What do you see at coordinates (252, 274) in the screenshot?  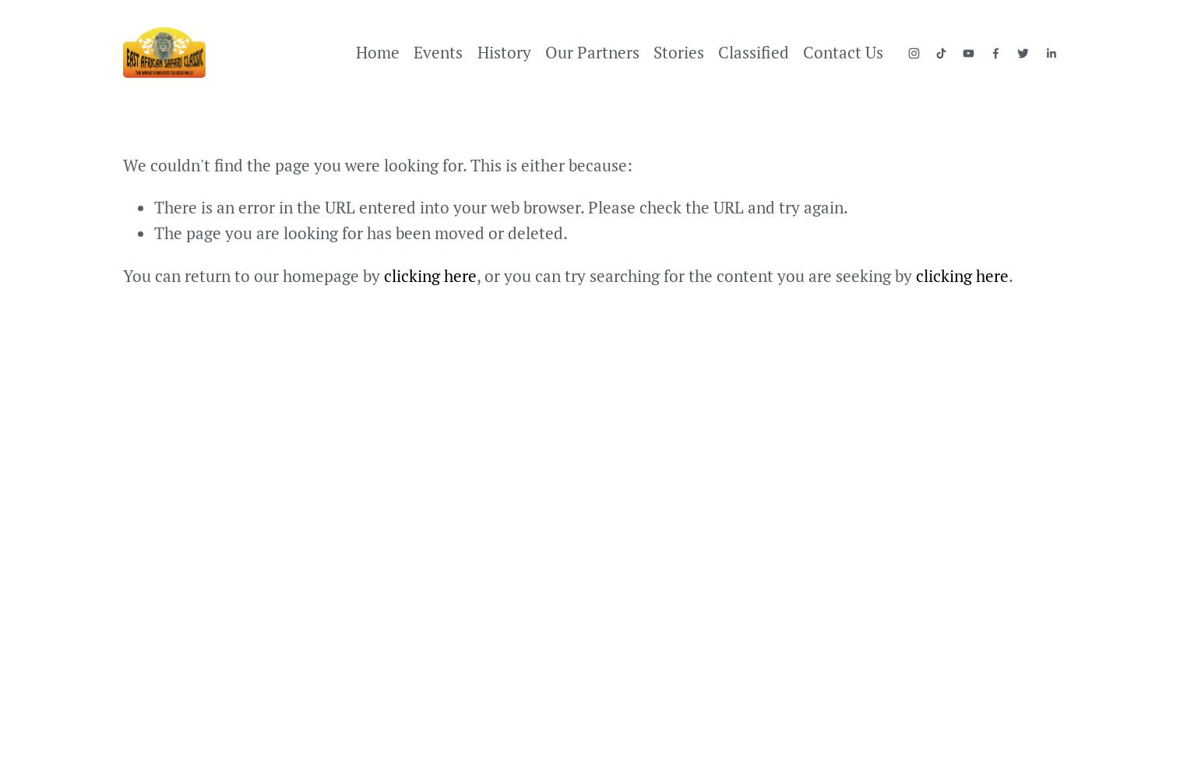 I see `'You can return to our homepage by'` at bounding box center [252, 274].